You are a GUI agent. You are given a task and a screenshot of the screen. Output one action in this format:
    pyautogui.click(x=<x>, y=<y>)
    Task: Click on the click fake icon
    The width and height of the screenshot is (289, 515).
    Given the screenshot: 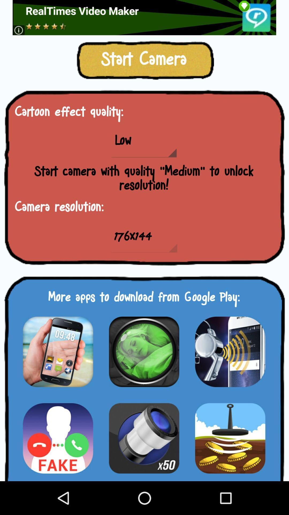 What is the action you would take?
    pyautogui.click(x=58, y=438)
    